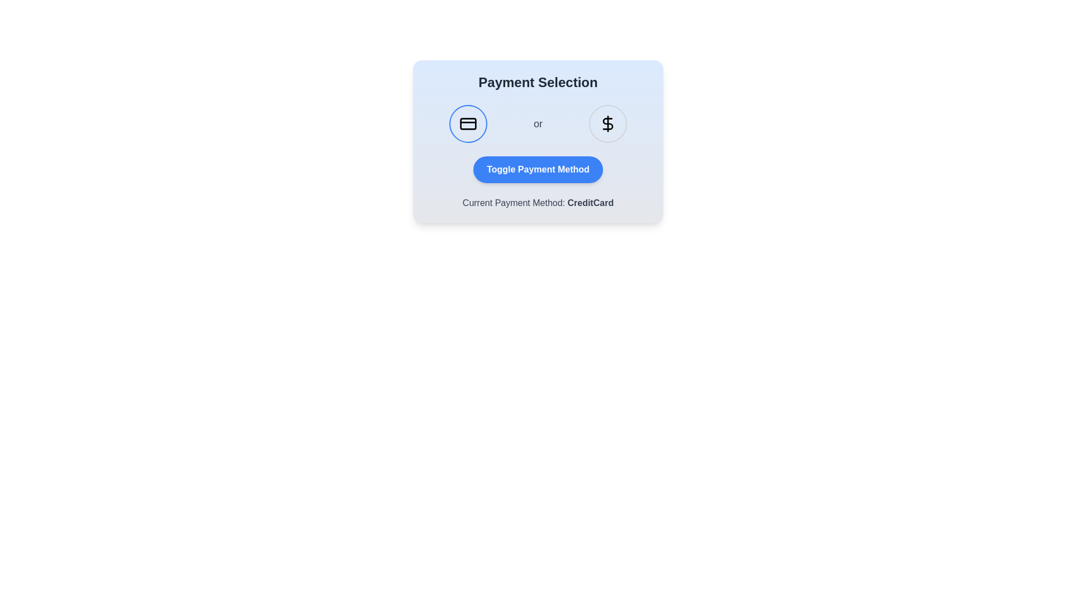 The height and width of the screenshot is (603, 1073). I want to click on the payment method toggle button located centrally below the payment method icons and above the current payment method text to switch between payment methods, so click(538, 170).